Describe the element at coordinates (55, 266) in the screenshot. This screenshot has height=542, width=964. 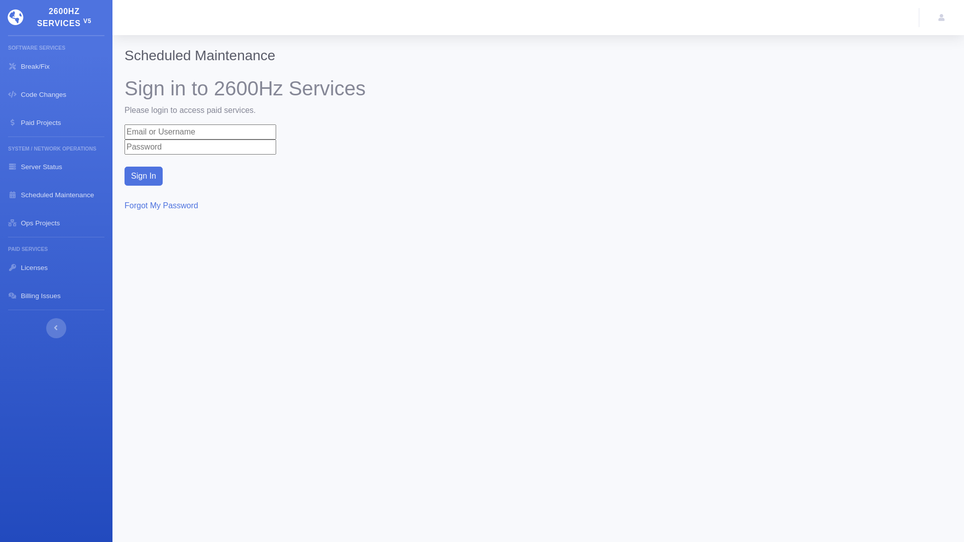
I see `'Licenses'` at that location.